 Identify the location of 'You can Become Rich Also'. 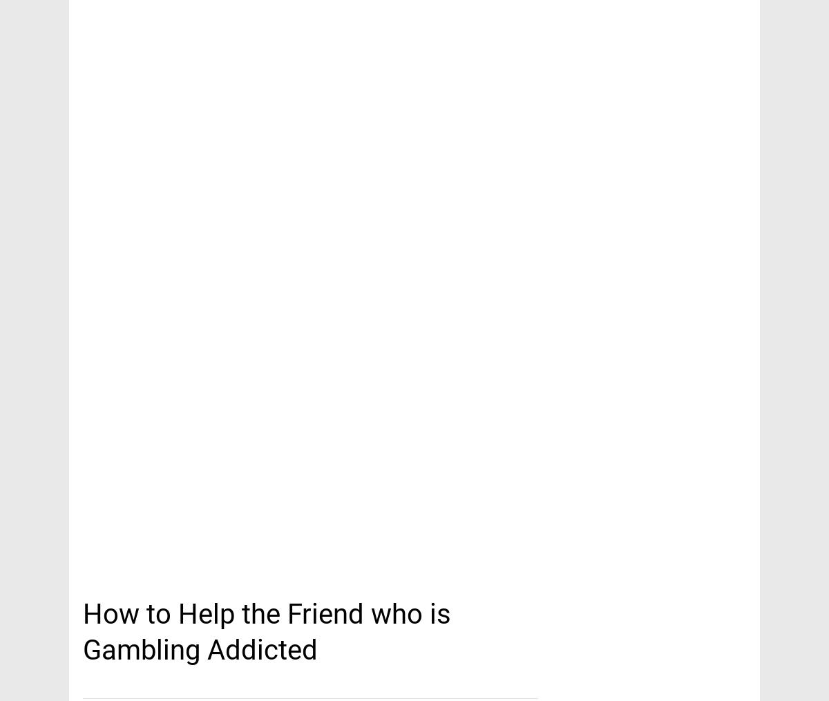
(159, 30).